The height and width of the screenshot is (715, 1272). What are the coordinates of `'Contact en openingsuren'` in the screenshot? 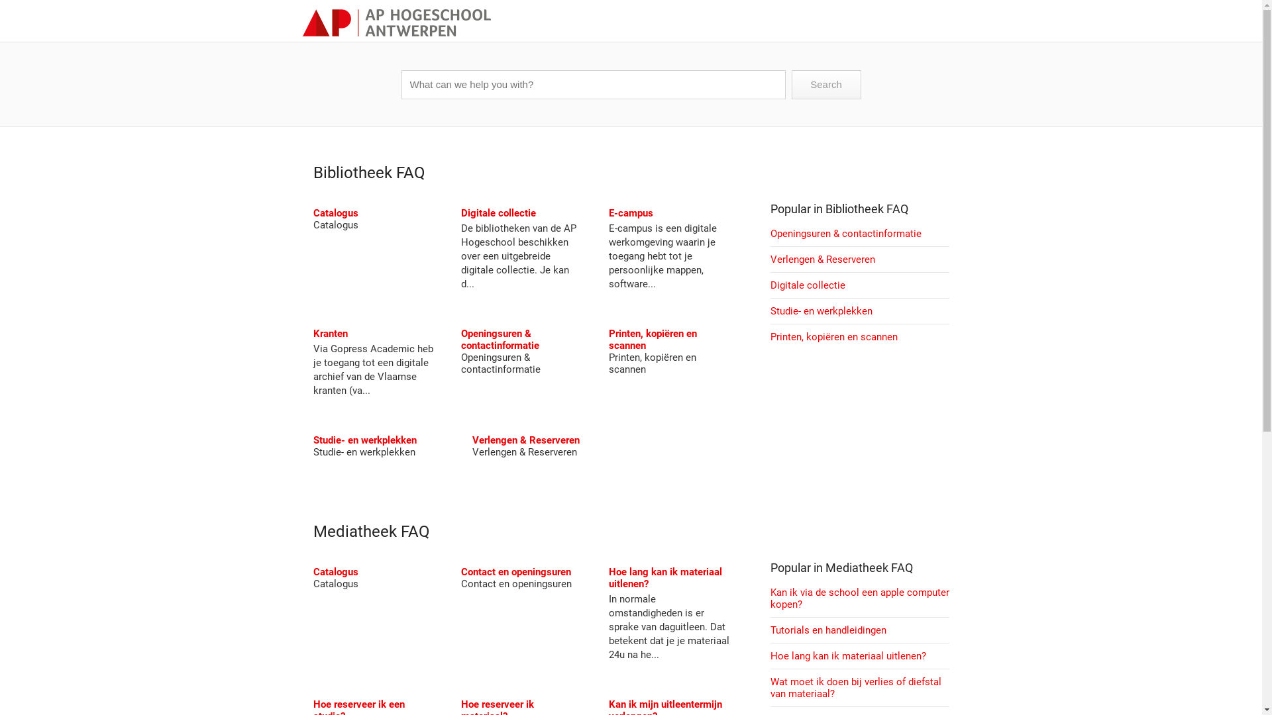 It's located at (461, 571).